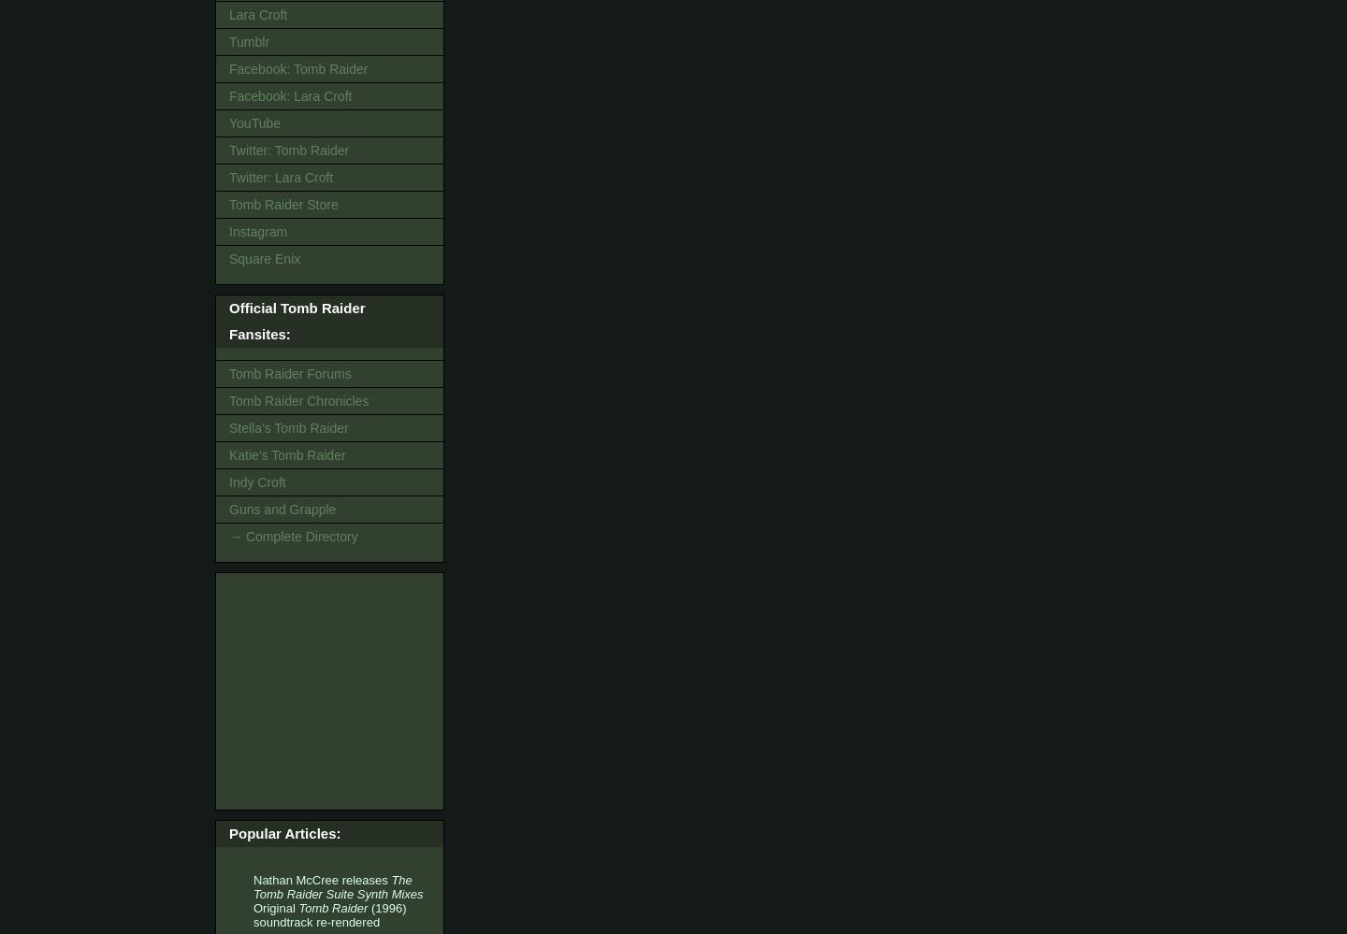  Describe the element at coordinates (287, 455) in the screenshot. I see `'Katie's Tomb Raider'` at that location.